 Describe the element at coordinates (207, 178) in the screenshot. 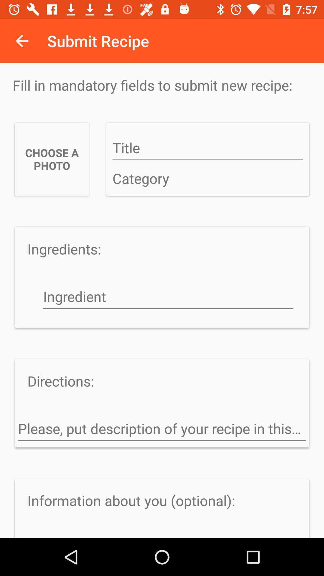

I see `recipe category` at that location.